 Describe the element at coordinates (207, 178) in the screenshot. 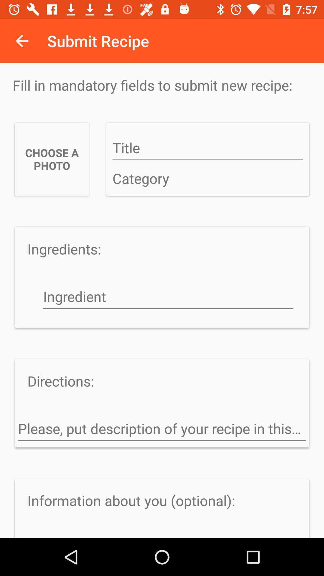

I see `recipe category` at that location.